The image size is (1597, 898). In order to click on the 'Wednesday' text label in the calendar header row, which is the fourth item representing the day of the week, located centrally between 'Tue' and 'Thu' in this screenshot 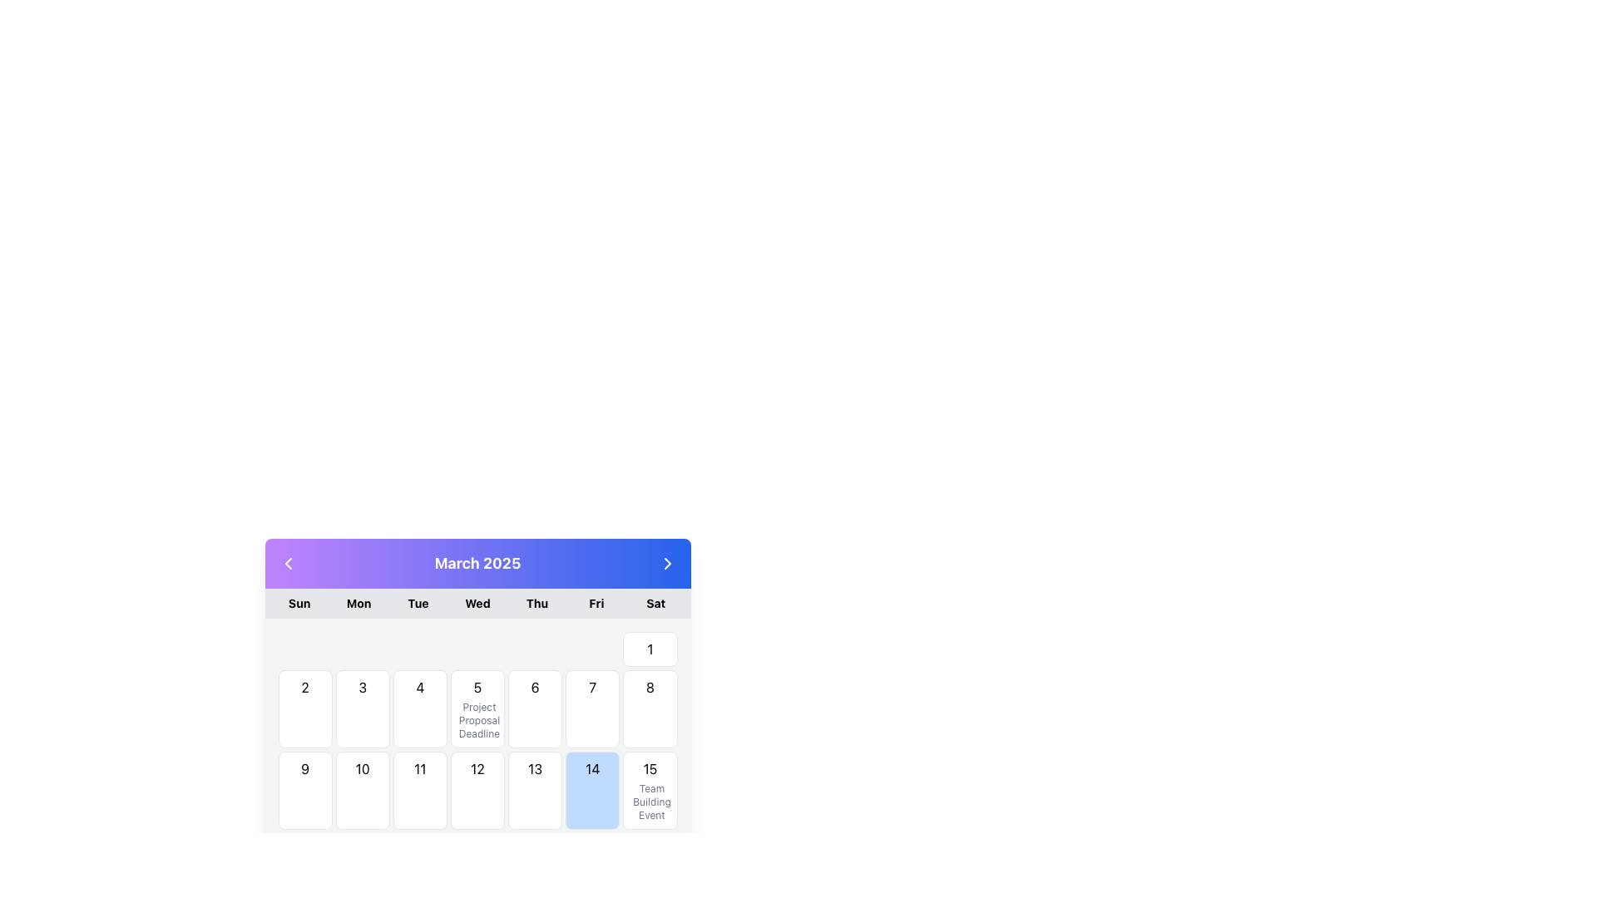, I will do `click(477, 603)`.